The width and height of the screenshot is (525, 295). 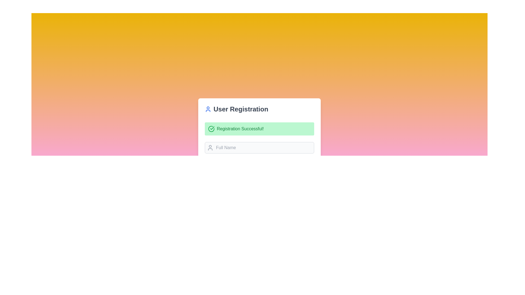 What do you see at coordinates (259, 129) in the screenshot?
I see `the Notification banner that confirms the successful completion of the registration process, located below the 'User Registration' header and above the 'Full Name' input field` at bounding box center [259, 129].